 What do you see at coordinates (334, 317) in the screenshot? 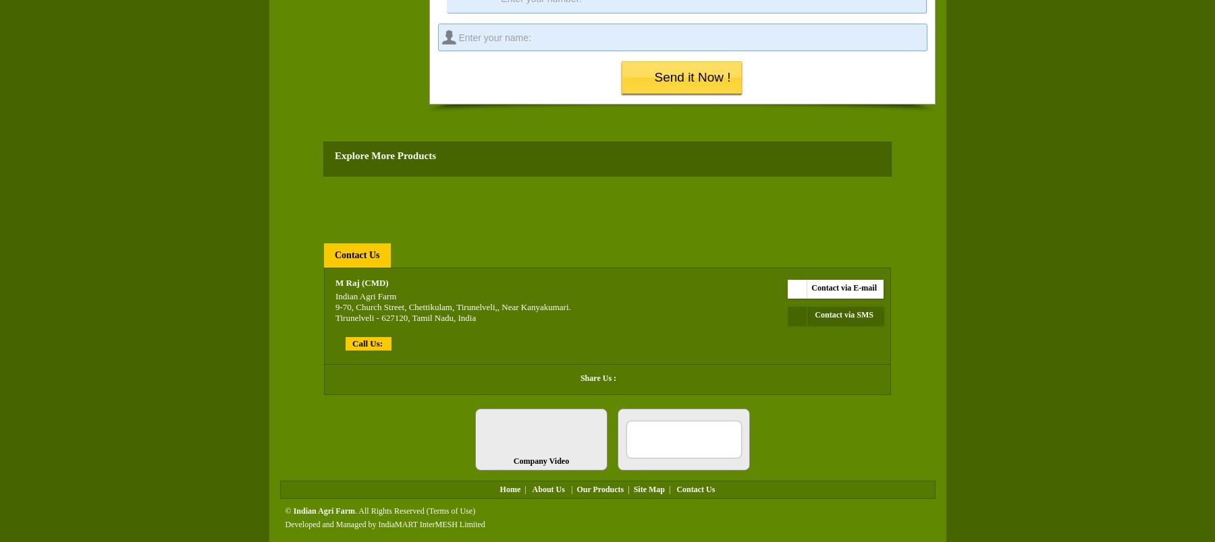
I see `'Tirunelveli'` at bounding box center [334, 317].